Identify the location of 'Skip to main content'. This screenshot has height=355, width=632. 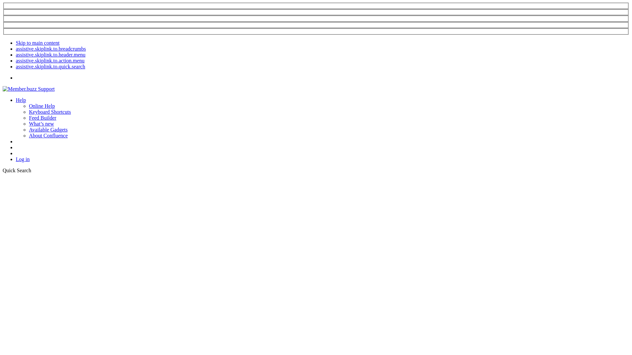
(37, 43).